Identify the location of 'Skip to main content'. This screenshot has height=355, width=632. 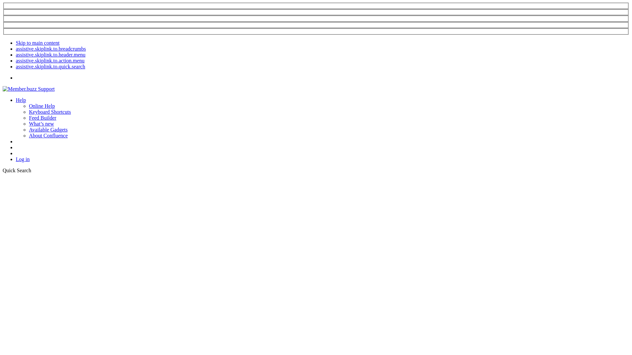
(37, 43).